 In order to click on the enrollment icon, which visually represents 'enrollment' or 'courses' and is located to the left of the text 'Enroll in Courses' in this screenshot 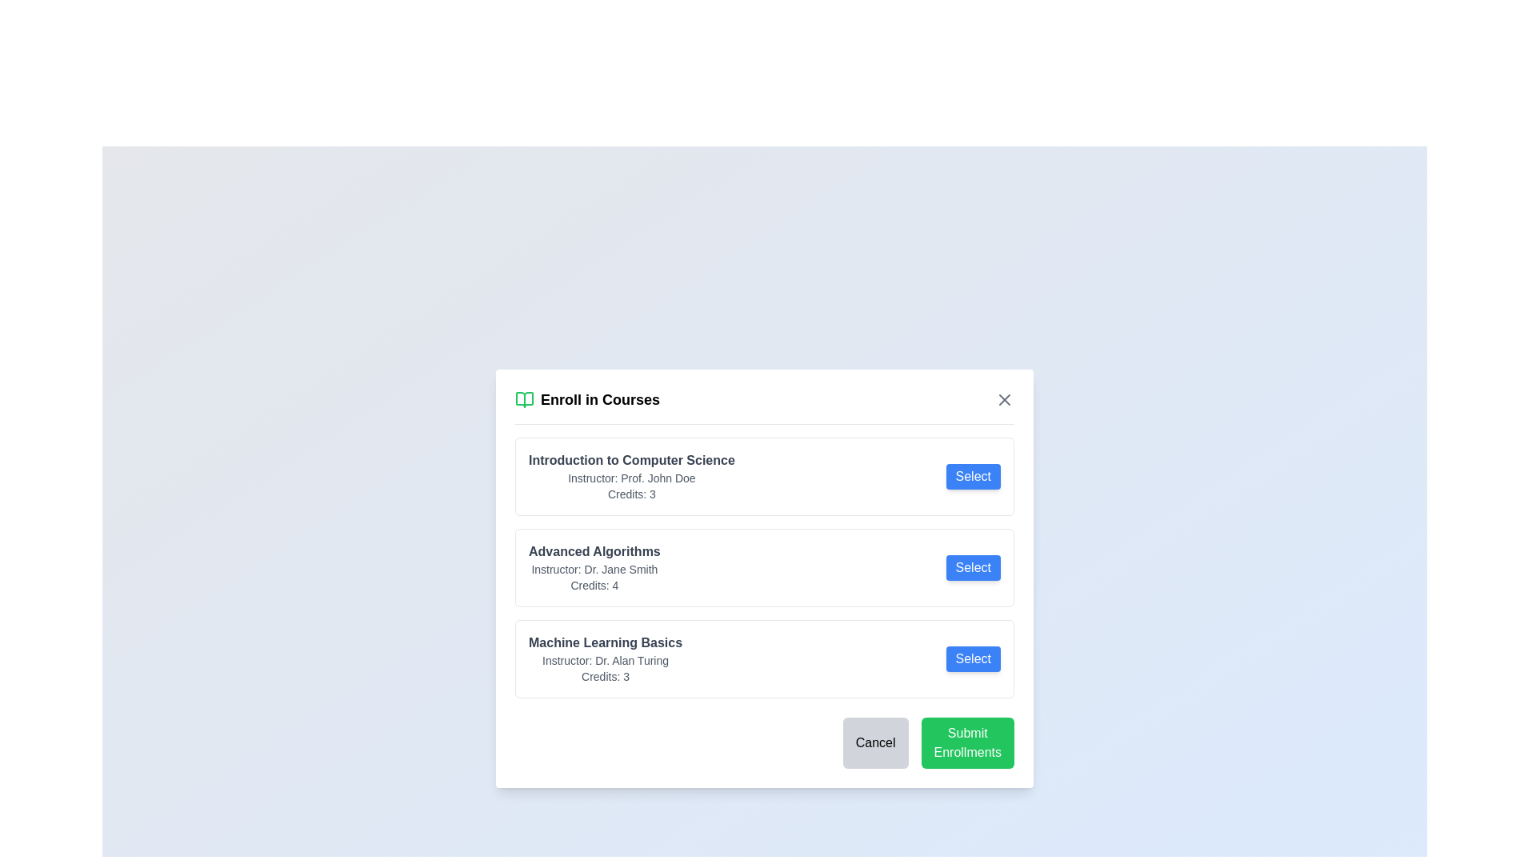, I will do `click(525, 398)`.